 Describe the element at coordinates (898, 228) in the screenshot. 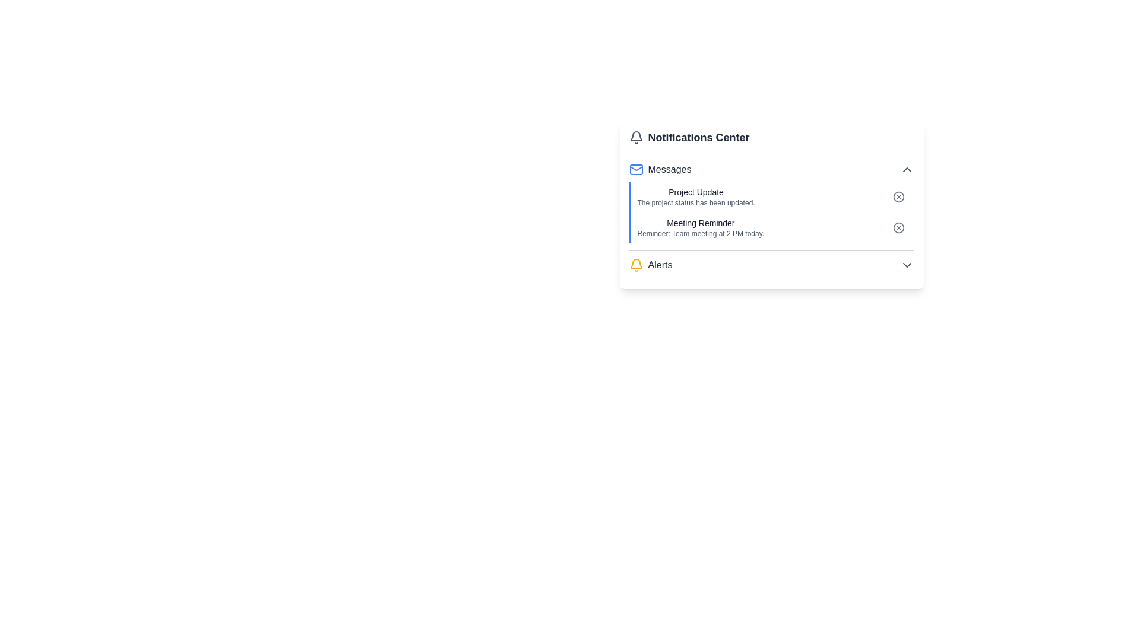

I see `the Icon button located to the right of the 'Meeting Reminder' text in the Notifications Center` at that location.